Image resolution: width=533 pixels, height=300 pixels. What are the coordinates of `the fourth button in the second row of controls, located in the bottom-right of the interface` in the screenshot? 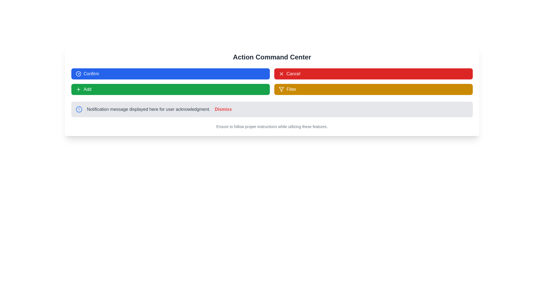 It's located at (373, 89).